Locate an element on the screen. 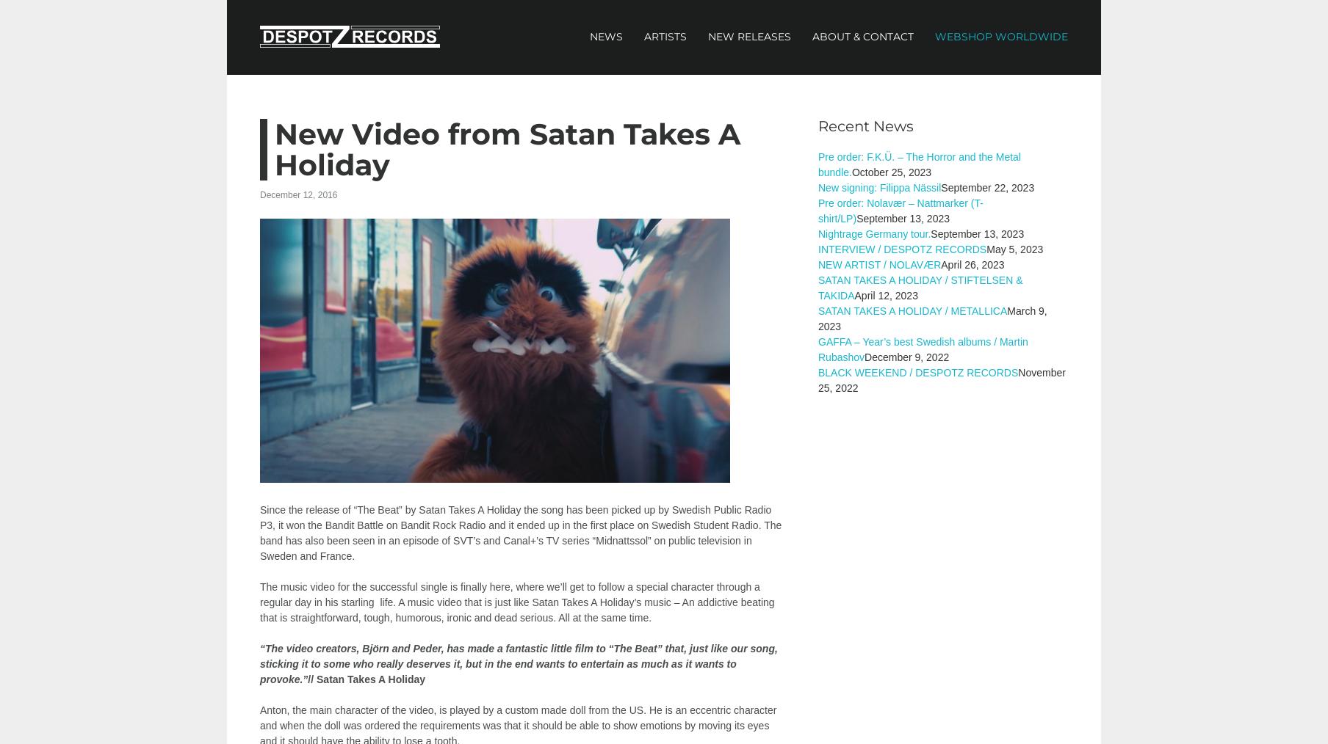  'December 12, 2016' is located at coordinates (297, 194).